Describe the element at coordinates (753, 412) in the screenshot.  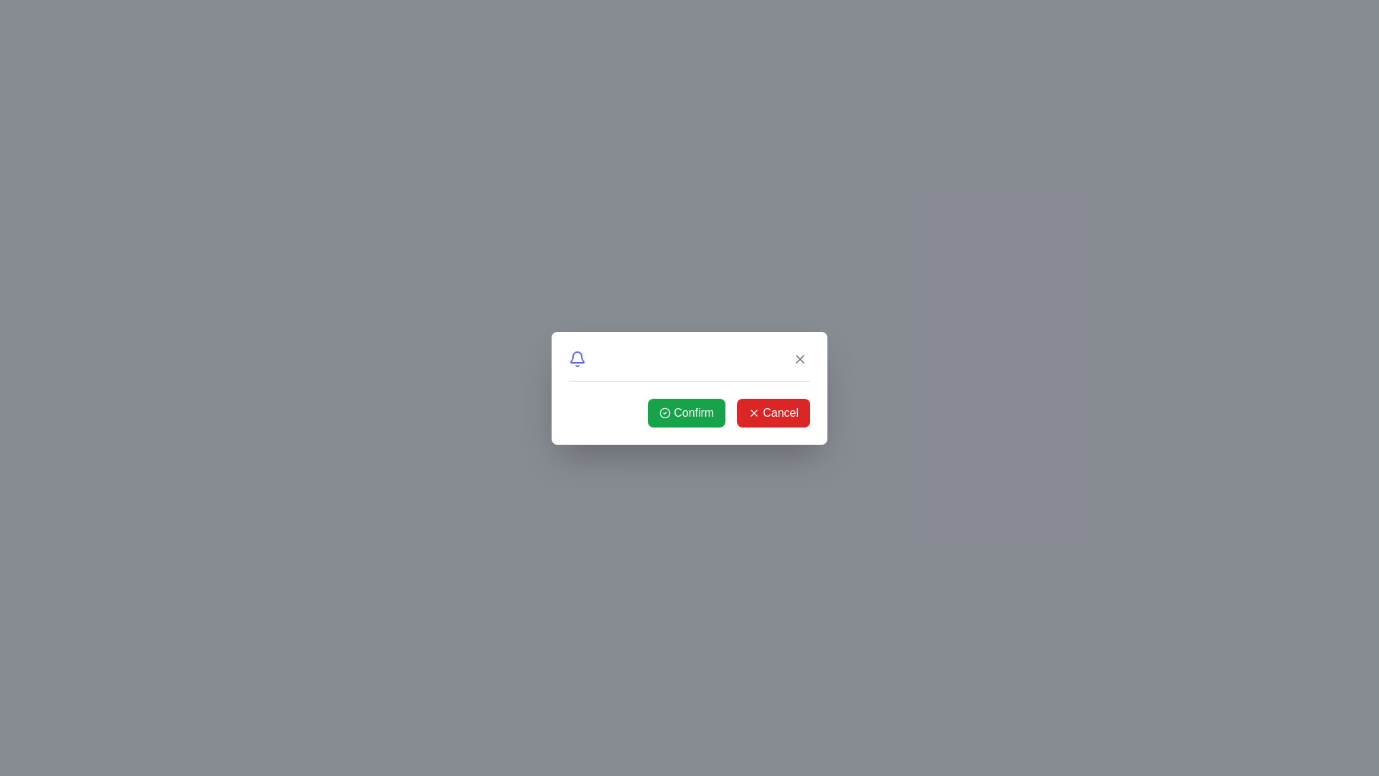
I see `the cancel icon located within the 'Cancel' button, positioned near the bottom-right area of the modal interface` at that location.